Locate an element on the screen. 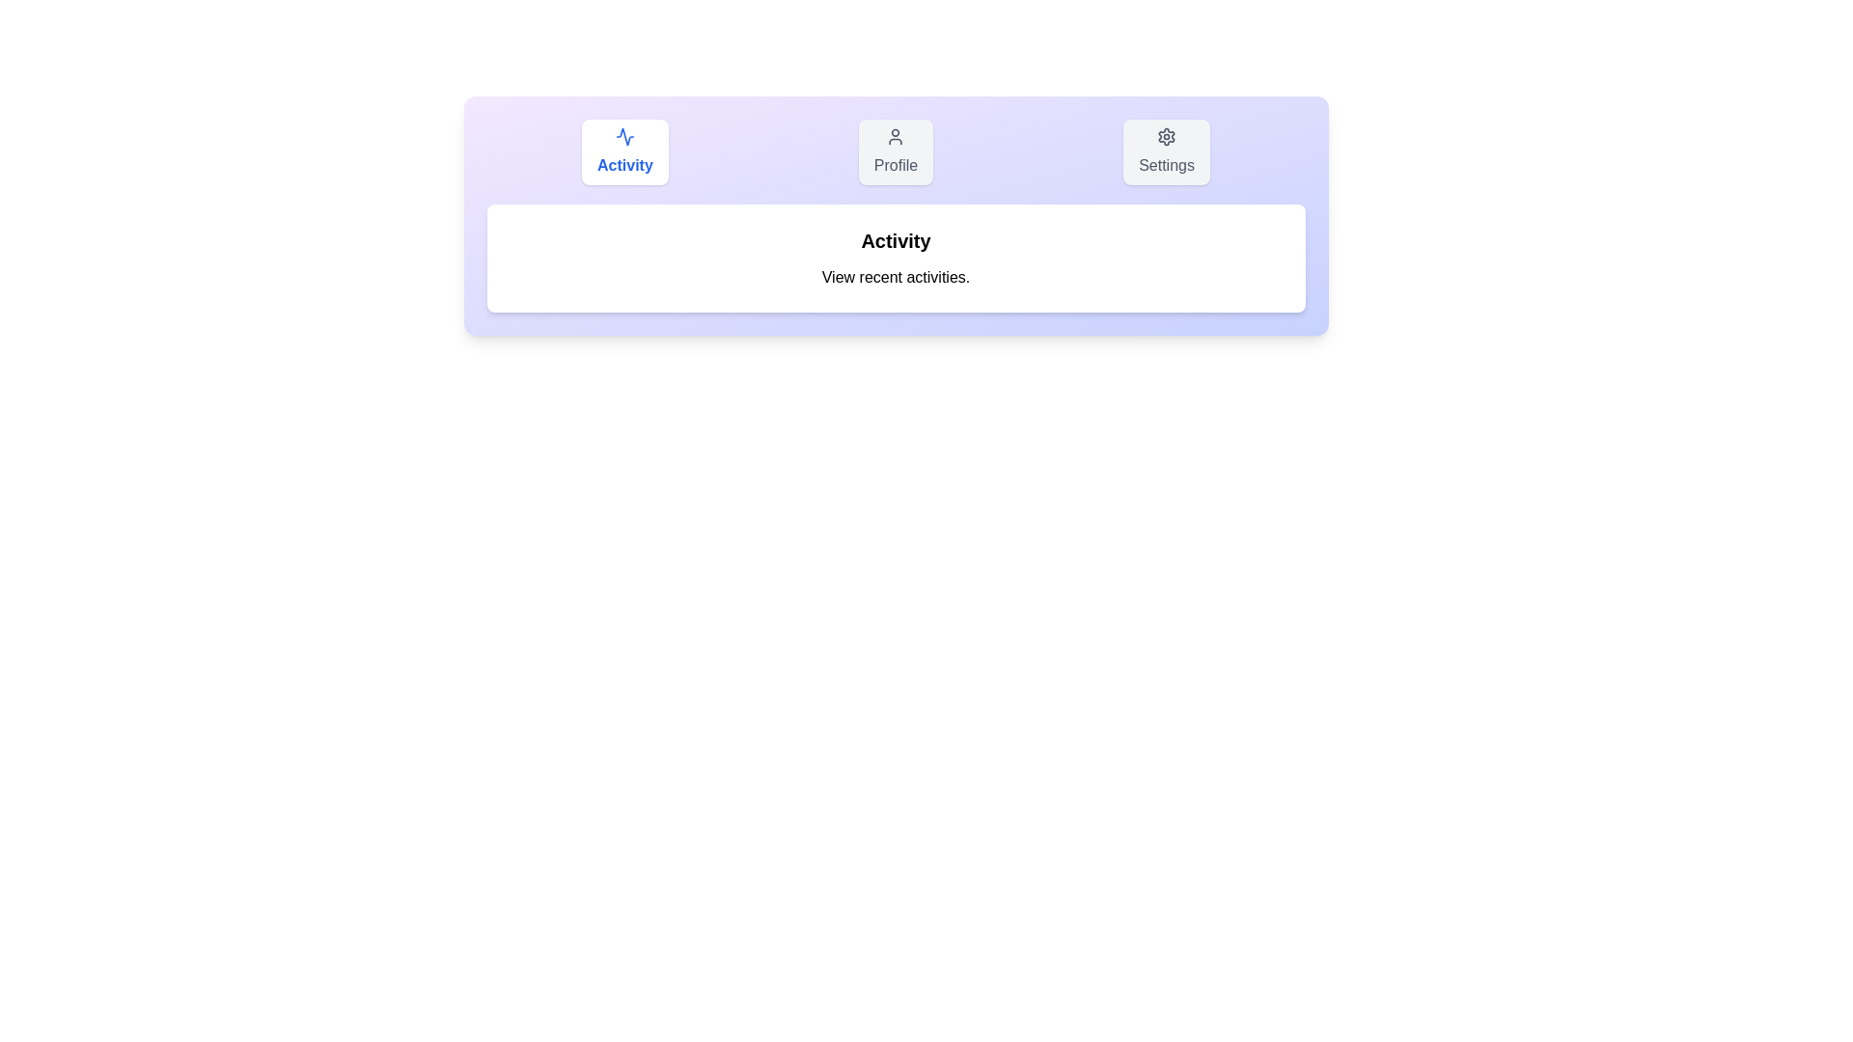 The width and height of the screenshot is (1853, 1042). the Settings tab to switch to it is located at coordinates (1166, 151).